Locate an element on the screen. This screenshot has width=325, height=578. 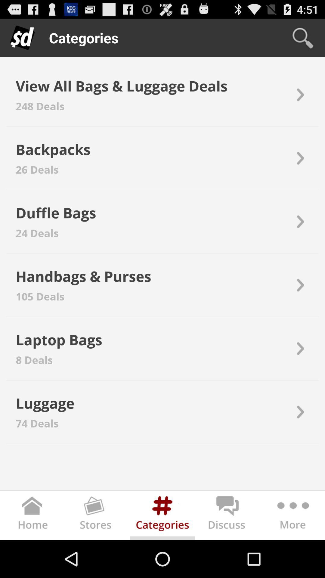
stores is located at coordinates (97, 516).